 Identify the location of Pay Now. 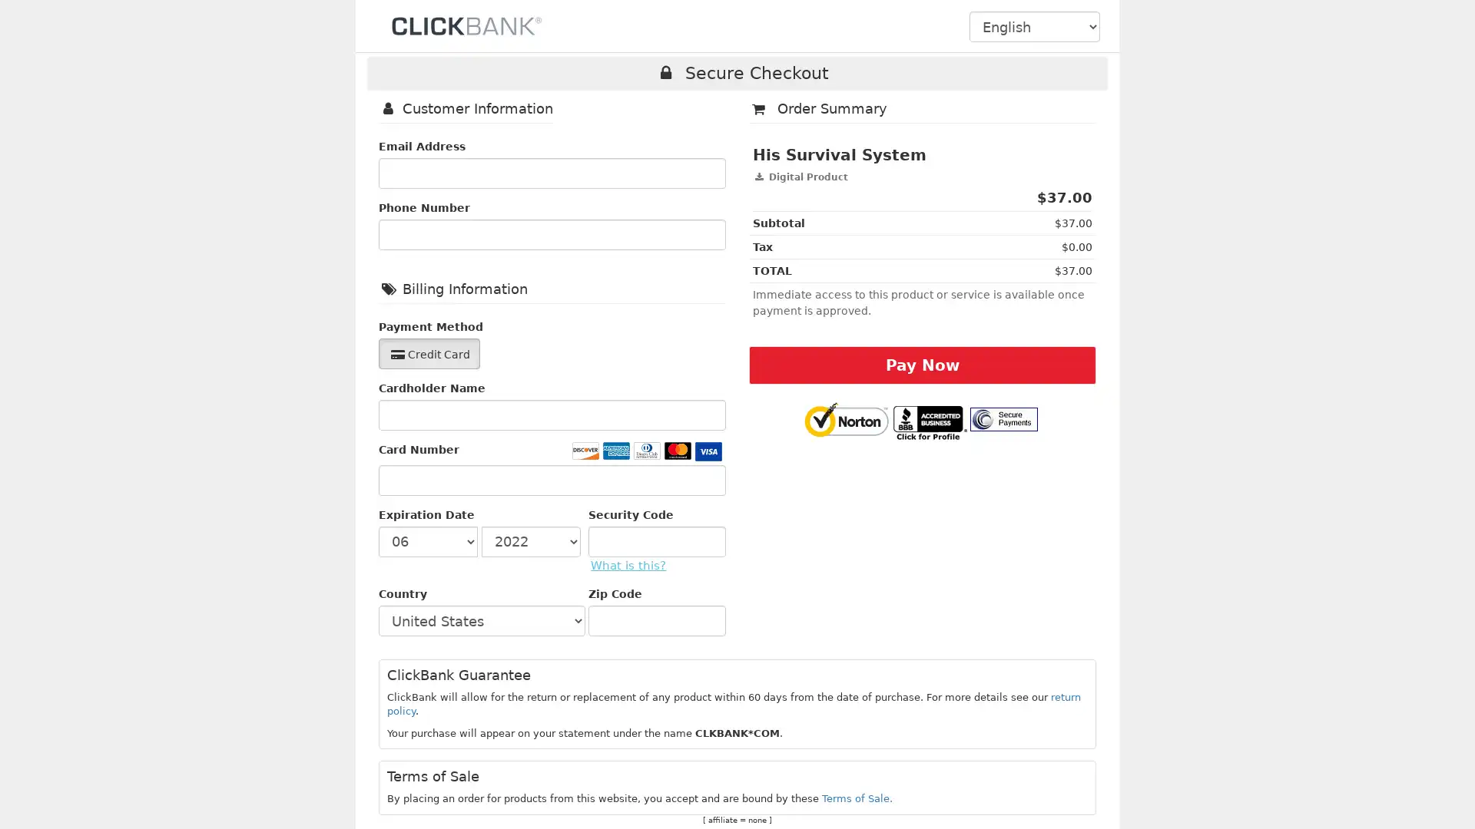
(922, 365).